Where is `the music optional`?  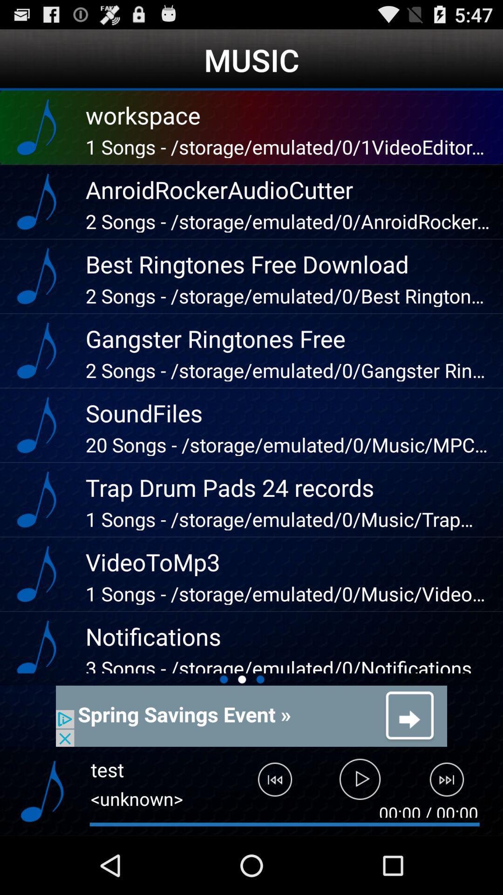 the music optional is located at coordinates (42, 791).